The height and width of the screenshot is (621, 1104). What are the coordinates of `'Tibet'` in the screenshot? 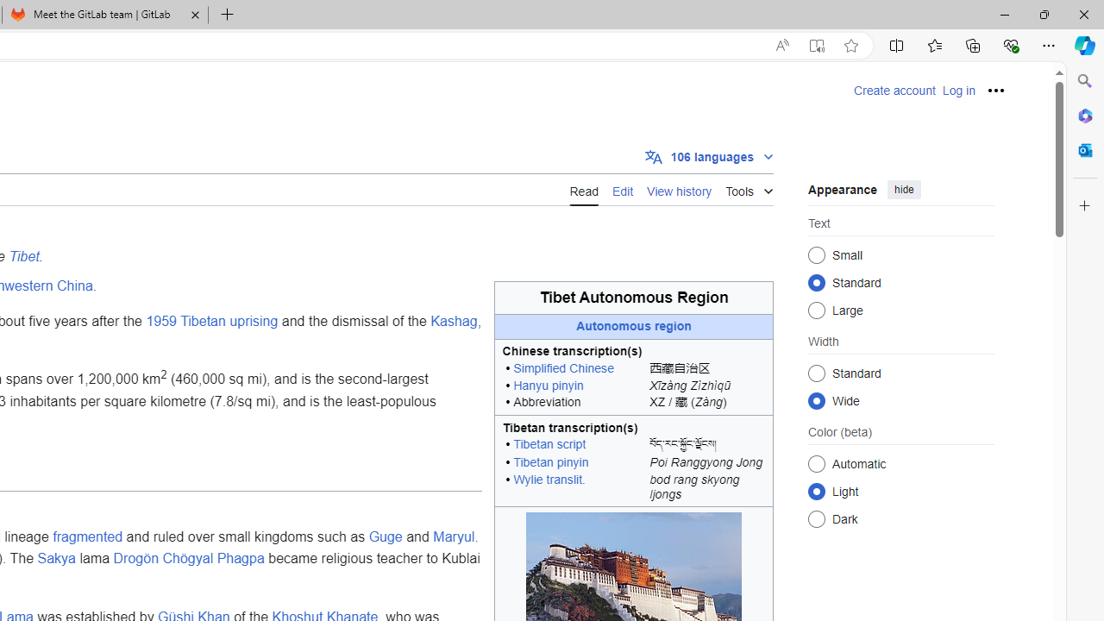 It's located at (24, 256).